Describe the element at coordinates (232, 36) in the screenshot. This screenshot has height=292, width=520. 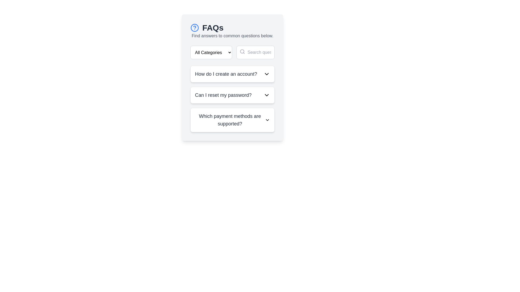
I see `the static text that reads 'Find answers to common questions below,' located directly below the 'FAQs' heading in the FAQ section` at that location.